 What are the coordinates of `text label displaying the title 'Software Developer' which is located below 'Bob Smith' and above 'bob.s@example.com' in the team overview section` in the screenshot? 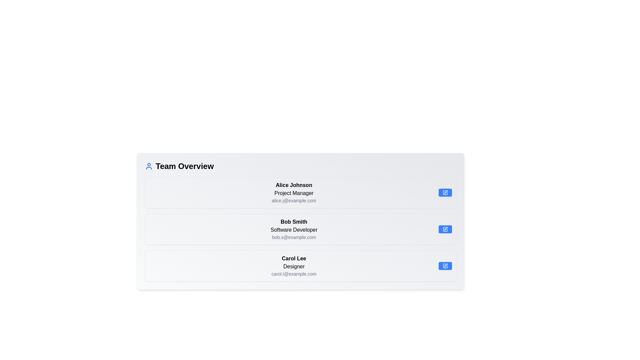 It's located at (294, 230).